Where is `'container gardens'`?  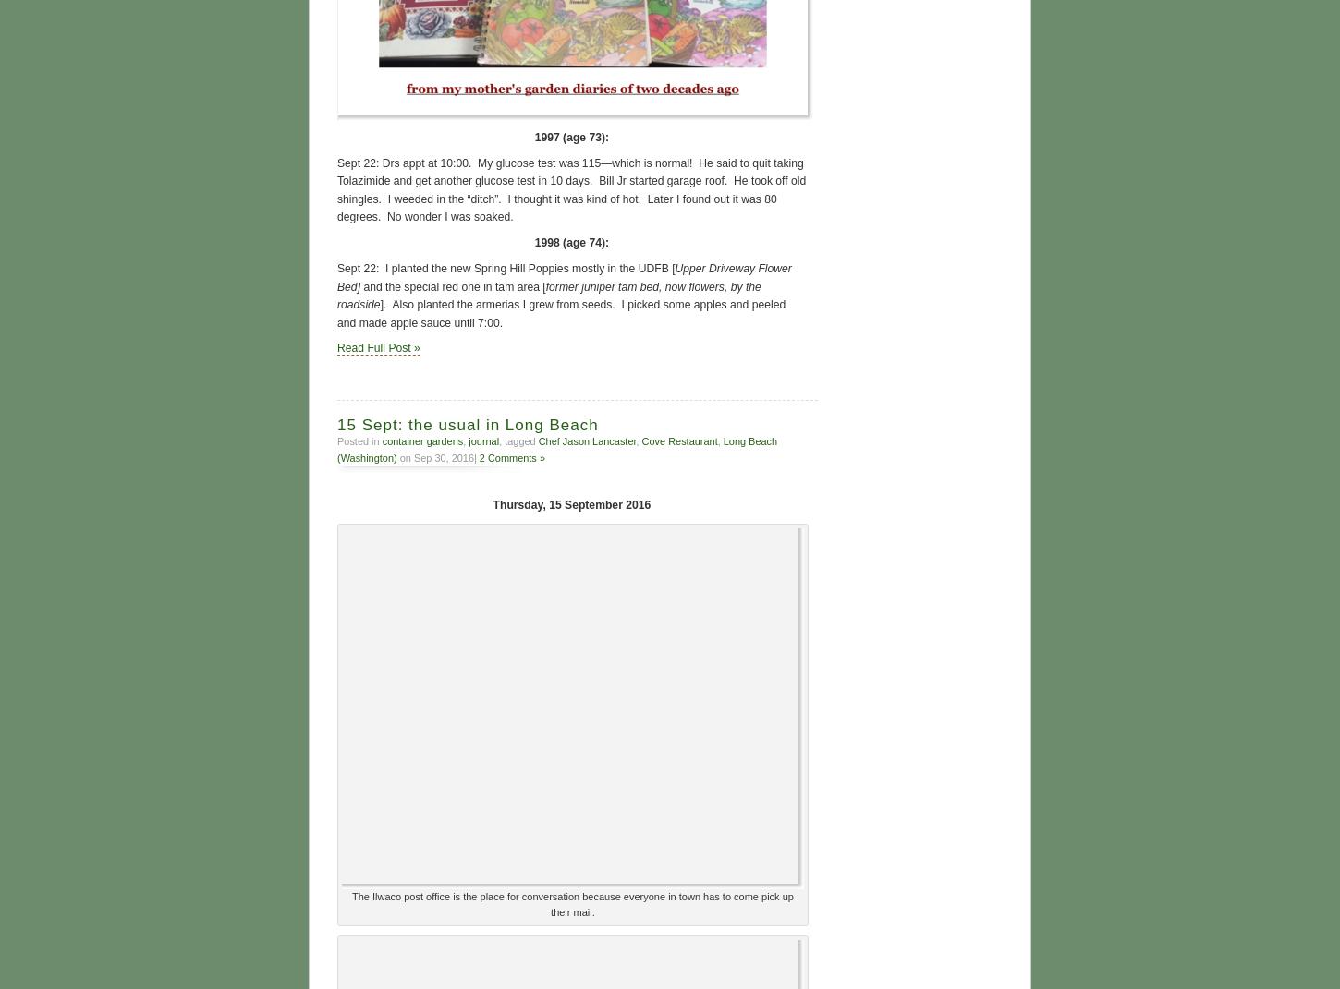 'container gardens' is located at coordinates (380, 438).